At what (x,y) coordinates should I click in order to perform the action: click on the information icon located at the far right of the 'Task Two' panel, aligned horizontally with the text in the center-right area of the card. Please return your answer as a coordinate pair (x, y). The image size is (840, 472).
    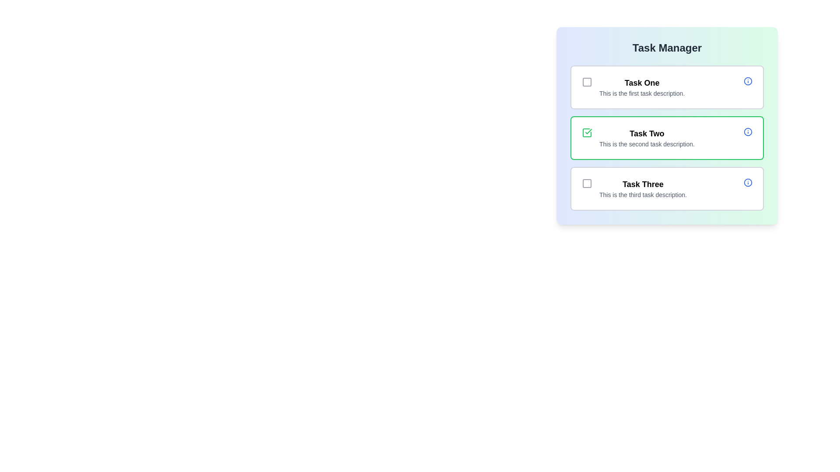
    Looking at the image, I should click on (747, 132).